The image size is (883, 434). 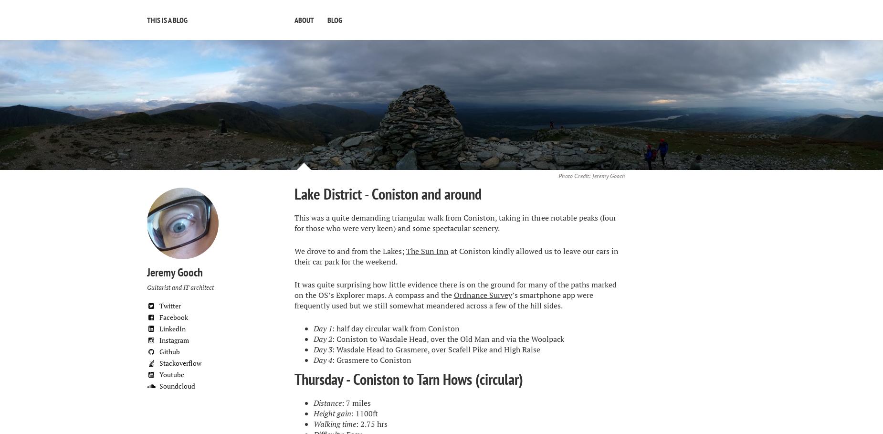 I want to click on 'We drove to and from the Lakes;', so click(x=349, y=251).